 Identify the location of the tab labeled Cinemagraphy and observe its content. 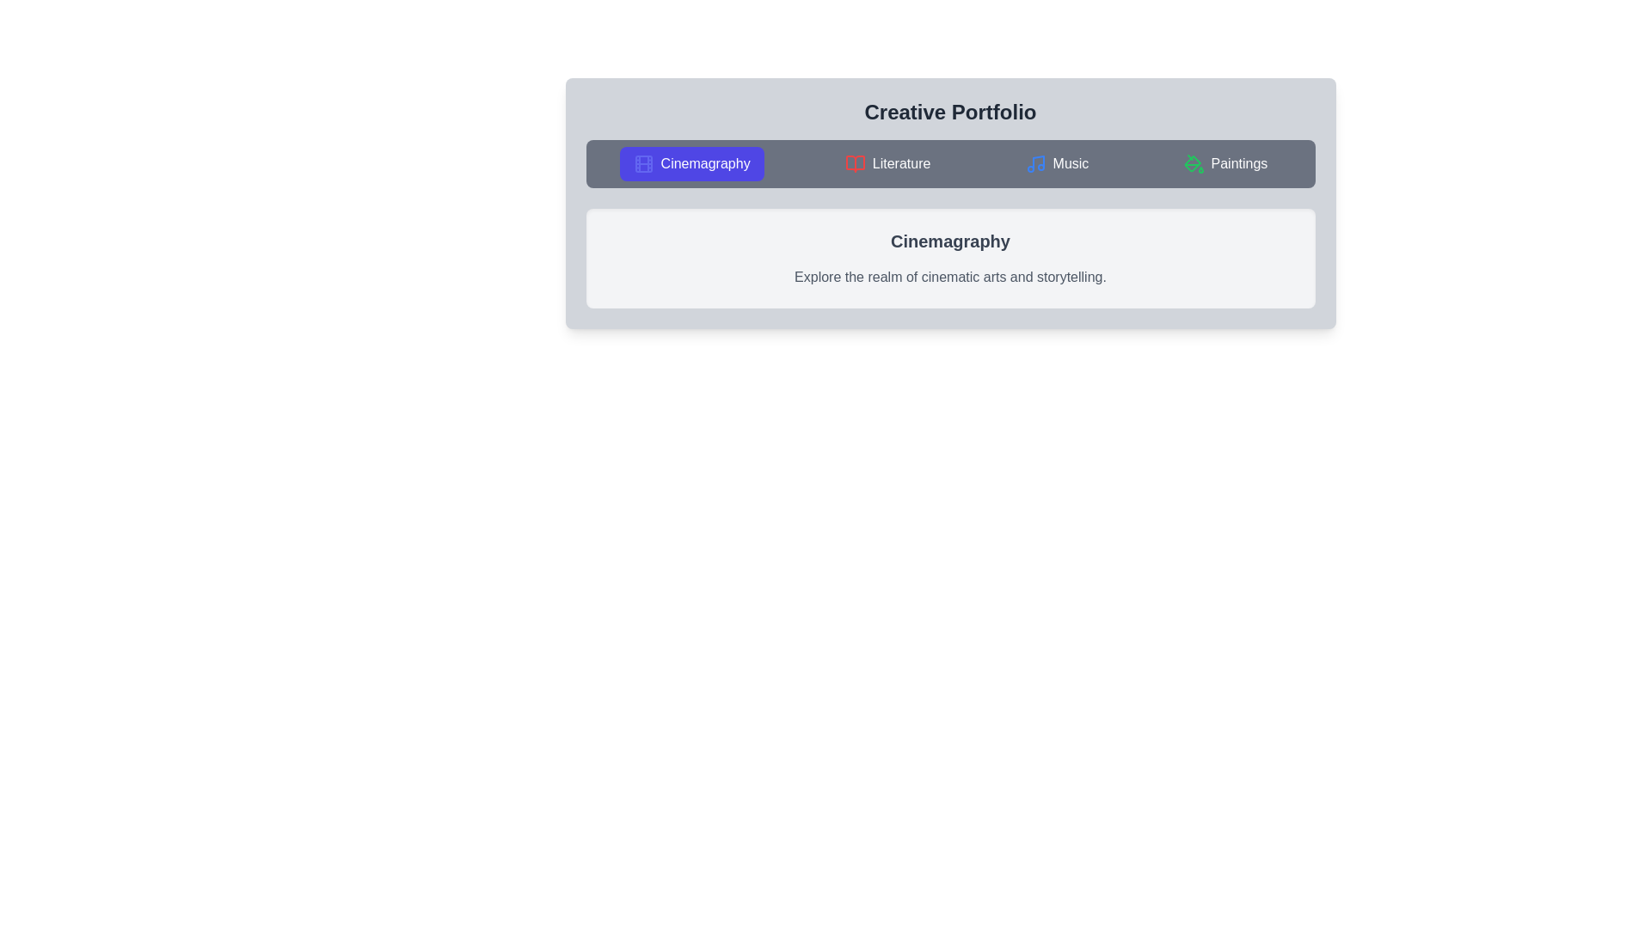
(691, 164).